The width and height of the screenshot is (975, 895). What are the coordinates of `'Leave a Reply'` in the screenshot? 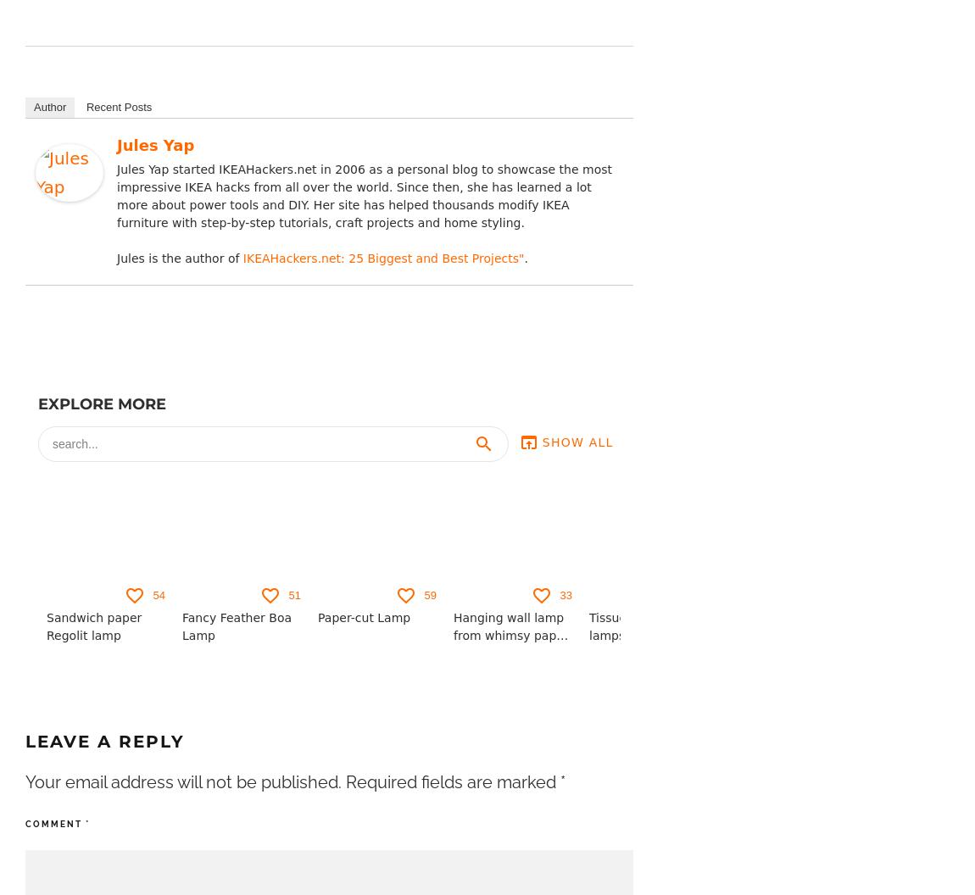 It's located at (25, 741).